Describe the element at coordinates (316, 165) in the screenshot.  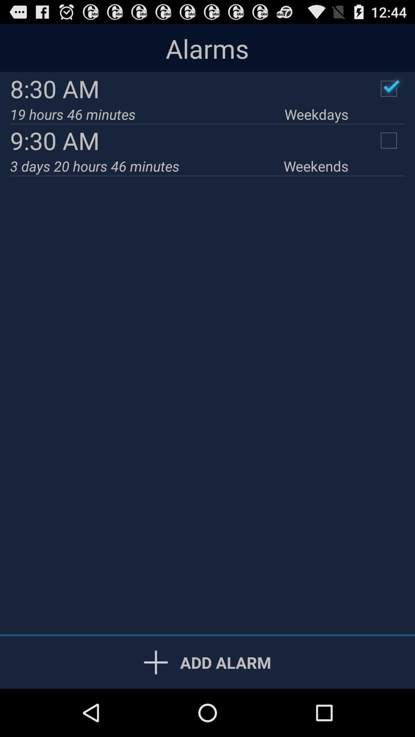
I see `item below 9:30 am` at that location.